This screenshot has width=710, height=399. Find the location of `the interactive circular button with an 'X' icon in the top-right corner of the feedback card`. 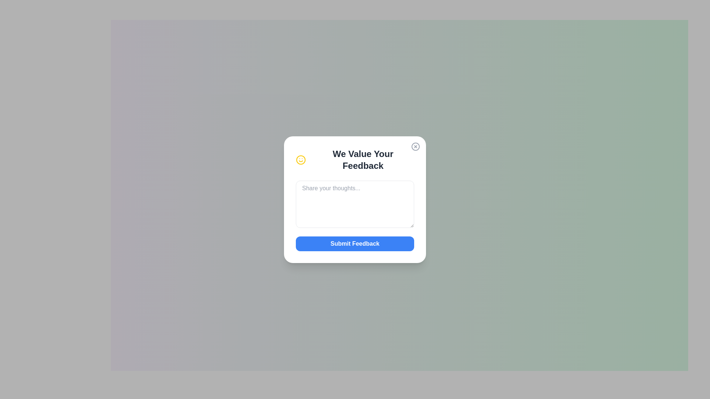

the interactive circular button with an 'X' icon in the top-right corner of the feedback card is located at coordinates (415, 146).